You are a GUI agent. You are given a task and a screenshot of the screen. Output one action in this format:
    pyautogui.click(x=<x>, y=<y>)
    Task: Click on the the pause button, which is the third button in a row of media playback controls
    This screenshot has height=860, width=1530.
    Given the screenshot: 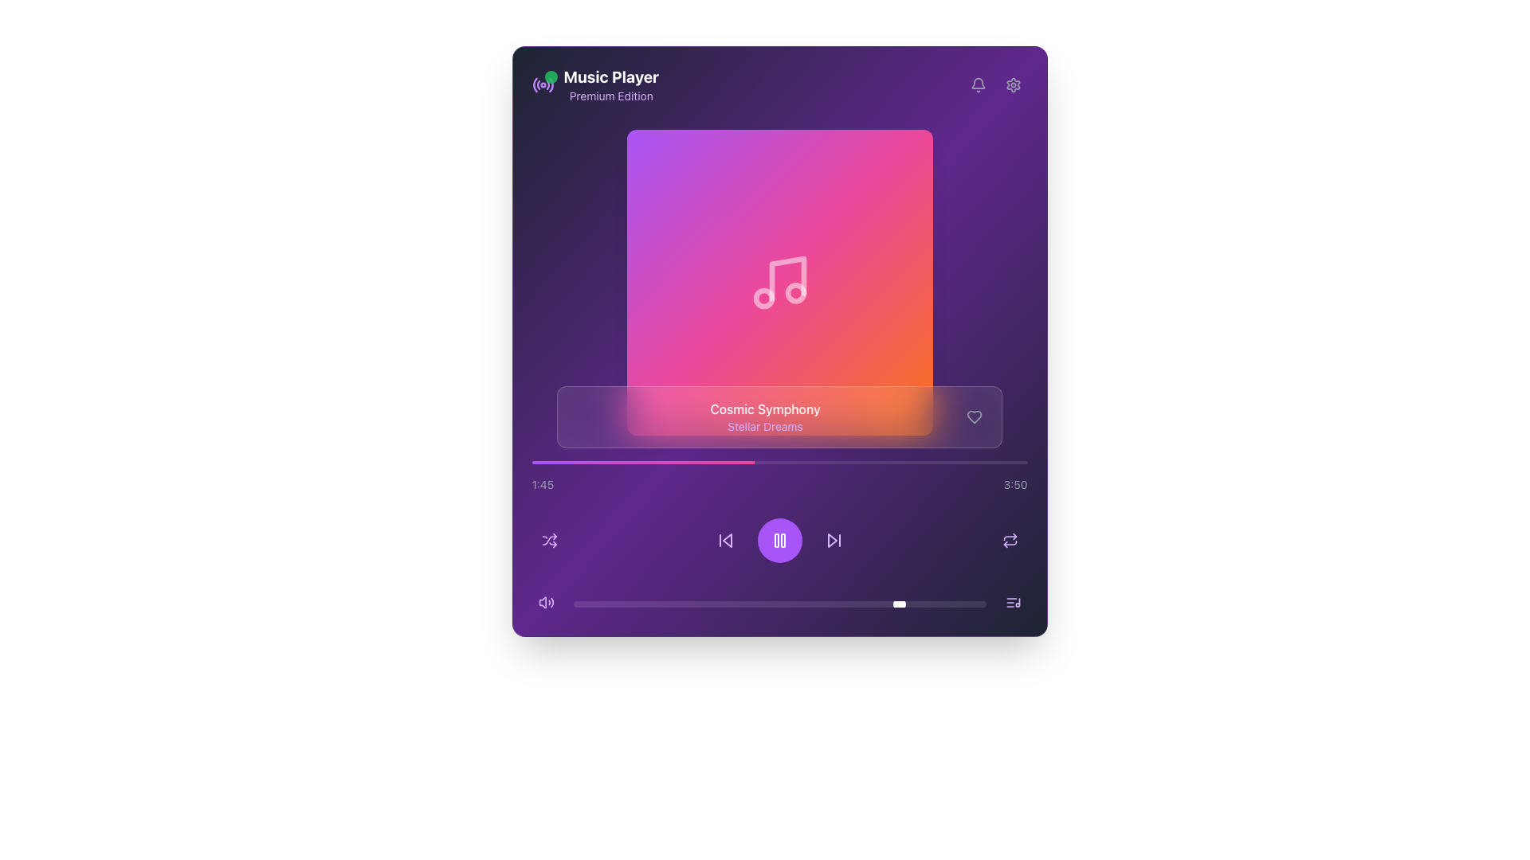 What is the action you would take?
    pyautogui.click(x=779, y=539)
    